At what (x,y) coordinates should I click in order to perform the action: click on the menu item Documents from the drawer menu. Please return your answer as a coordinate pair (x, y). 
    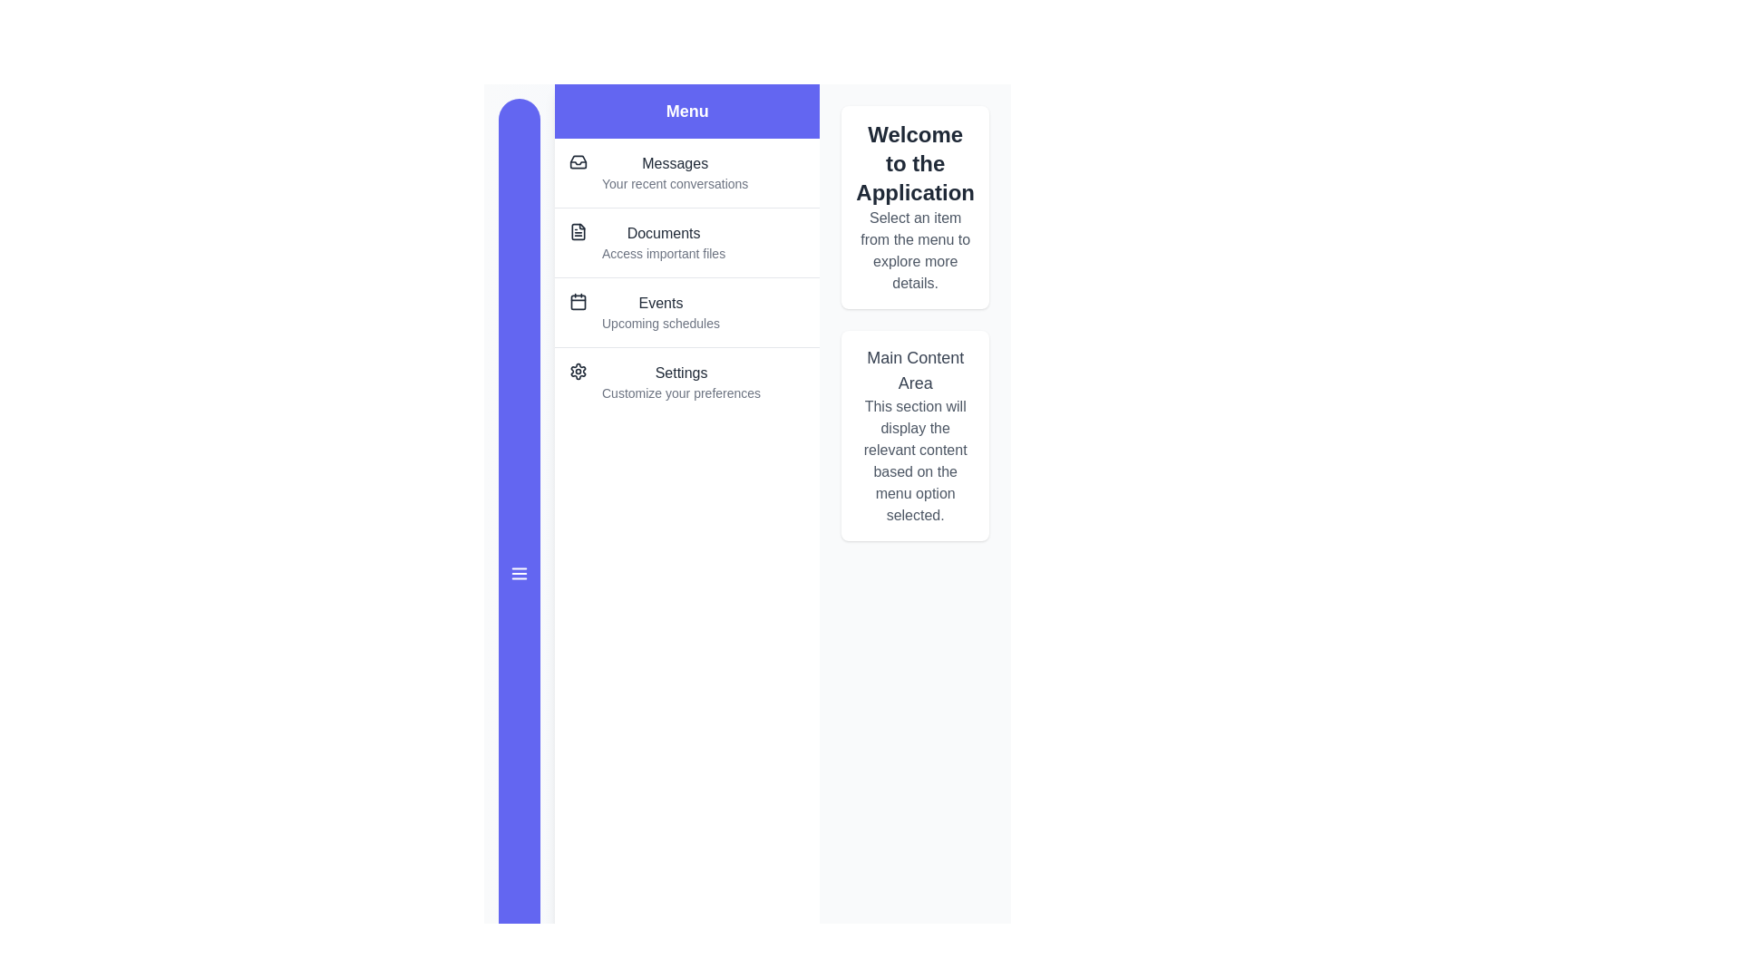
    Looking at the image, I should click on (686, 241).